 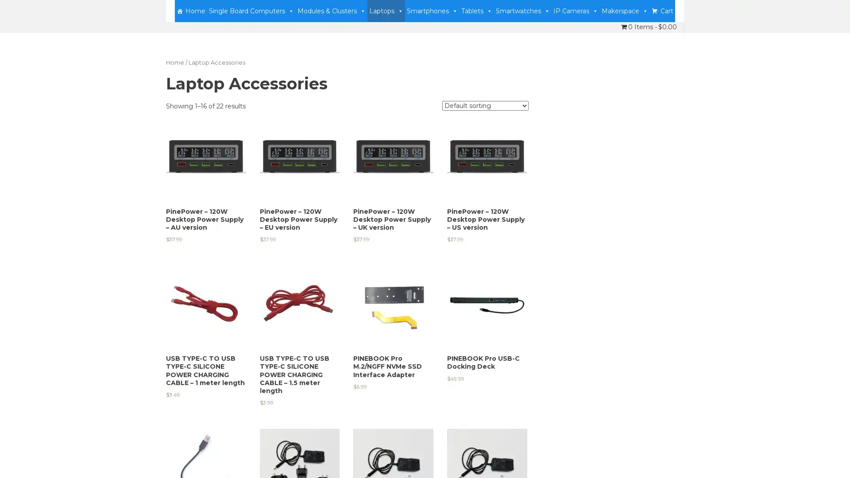 I want to click on Accept, so click(x=560, y=464).